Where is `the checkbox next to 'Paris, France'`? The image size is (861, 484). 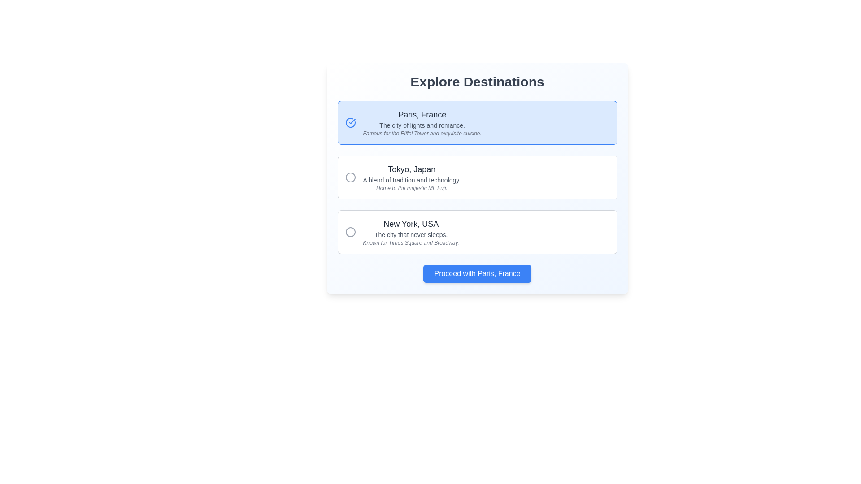 the checkbox next to 'Paris, France' is located at coordinates (477, 122).